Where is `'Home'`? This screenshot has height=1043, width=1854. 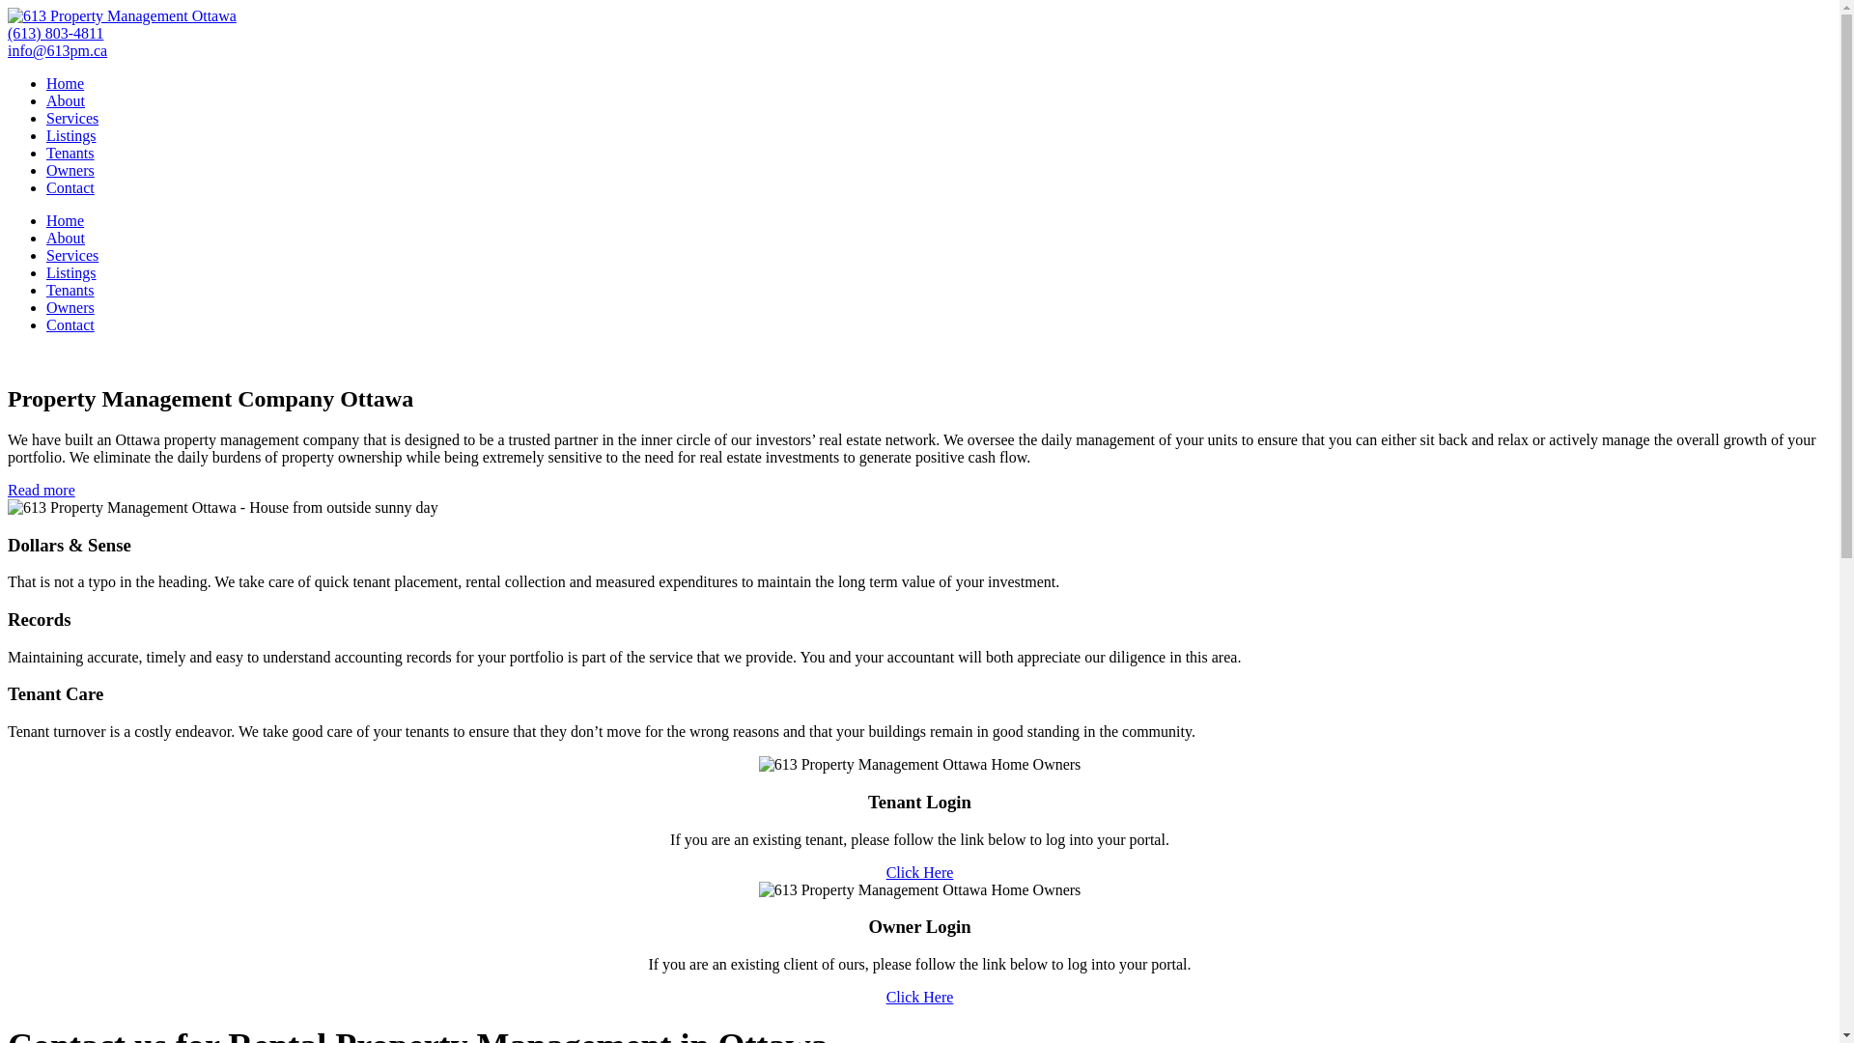 'Home' is located at coordinates (65, 82).